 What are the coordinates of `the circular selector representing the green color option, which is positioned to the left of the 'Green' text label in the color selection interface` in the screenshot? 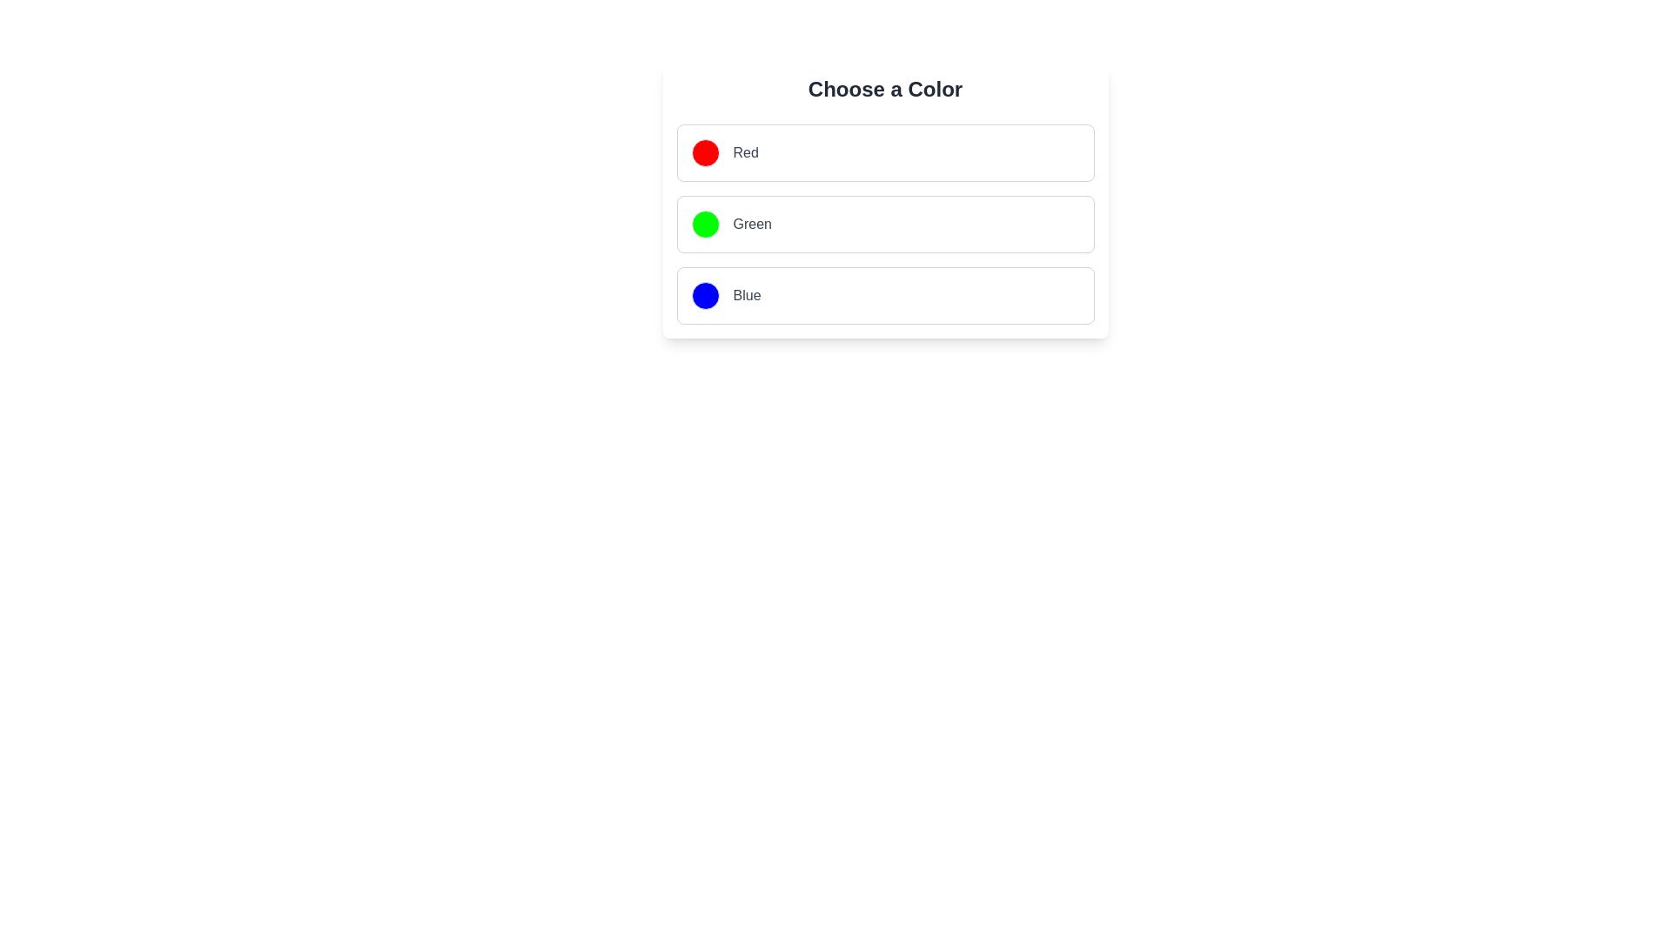 It's located at (705, 224).